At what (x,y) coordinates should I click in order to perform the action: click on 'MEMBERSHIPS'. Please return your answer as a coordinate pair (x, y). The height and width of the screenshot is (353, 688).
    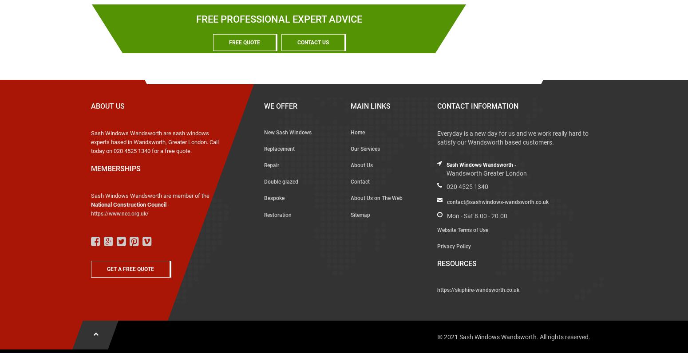
    Looking at the image, I should click on (91, 168).